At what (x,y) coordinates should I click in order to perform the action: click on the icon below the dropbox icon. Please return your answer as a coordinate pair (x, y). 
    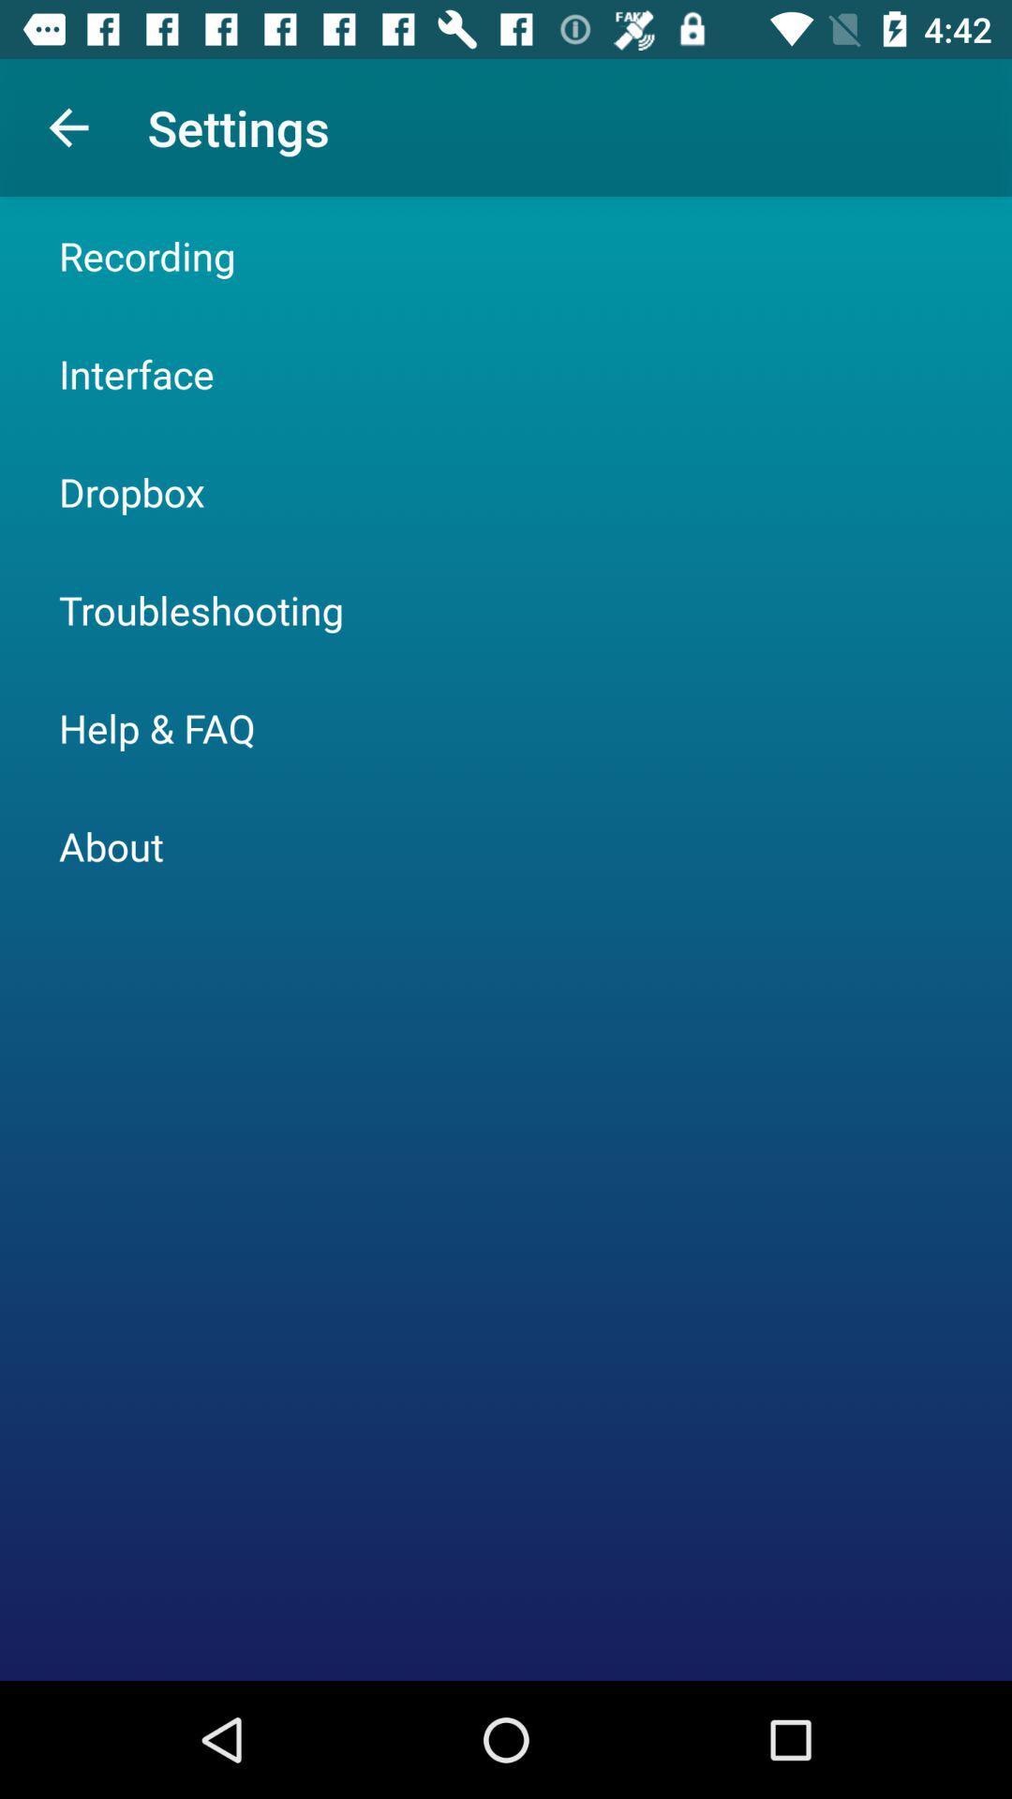
    Looking at the image, I should click on (201, 610).